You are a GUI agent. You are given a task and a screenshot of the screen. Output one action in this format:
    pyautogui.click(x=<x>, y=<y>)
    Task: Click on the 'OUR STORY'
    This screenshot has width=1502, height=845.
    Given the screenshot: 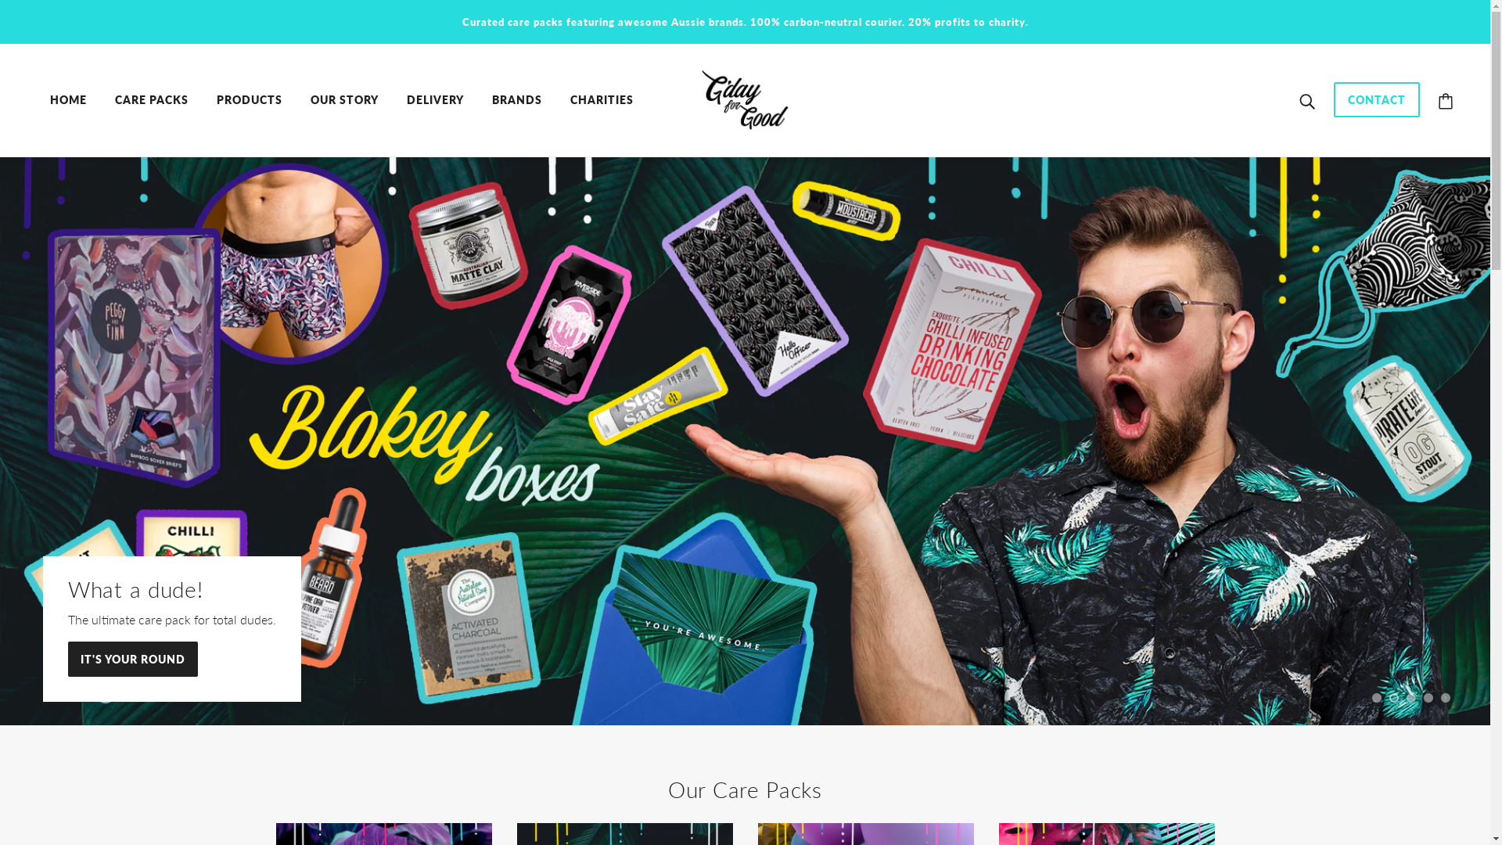 What is the action you would take?
    pyautogui.click(x=343, y=99)
    